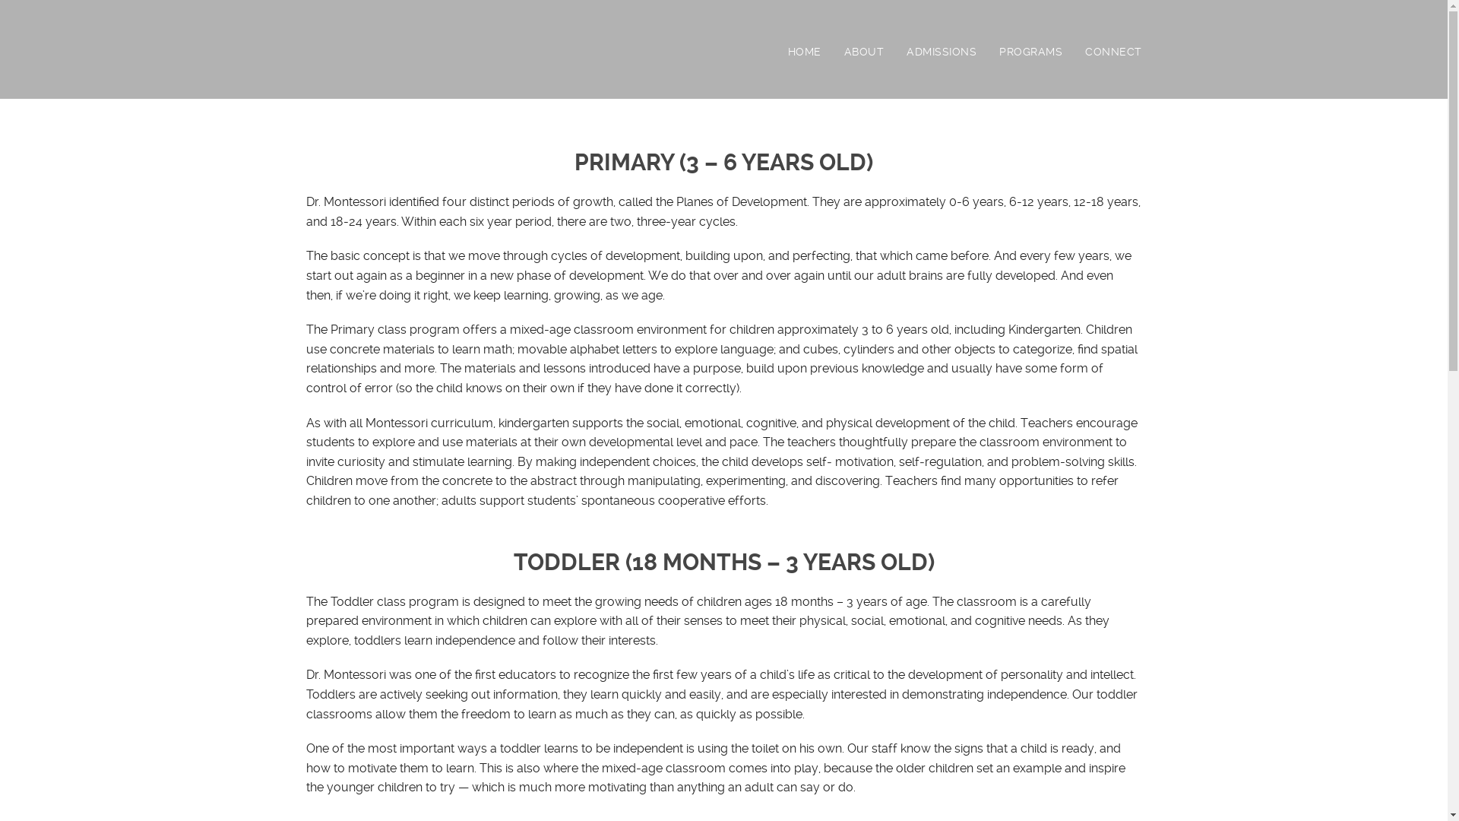 The height and width of the screenshot is (821, 1459). I want to click on 'ADMISSIONS', so click(907, 51).